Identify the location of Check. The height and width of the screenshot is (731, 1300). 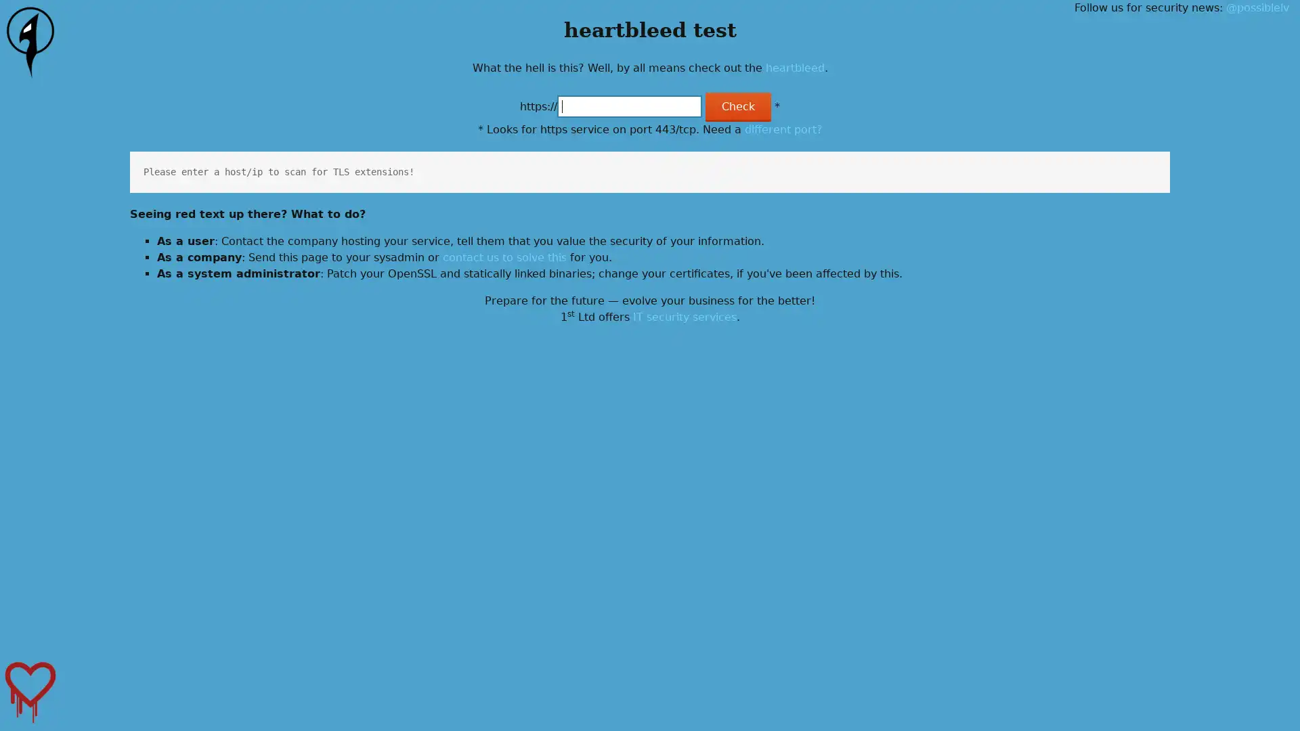
(740, 107).